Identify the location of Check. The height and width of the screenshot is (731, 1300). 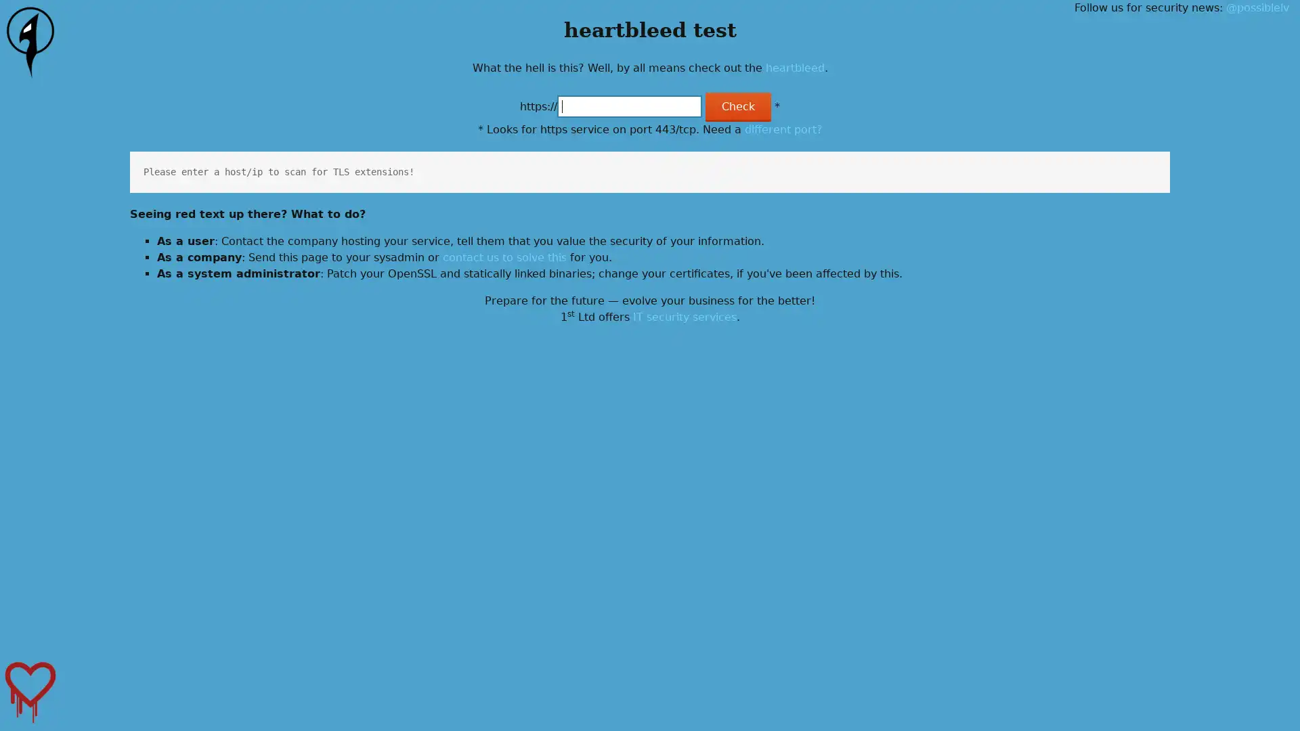
(740, 107).